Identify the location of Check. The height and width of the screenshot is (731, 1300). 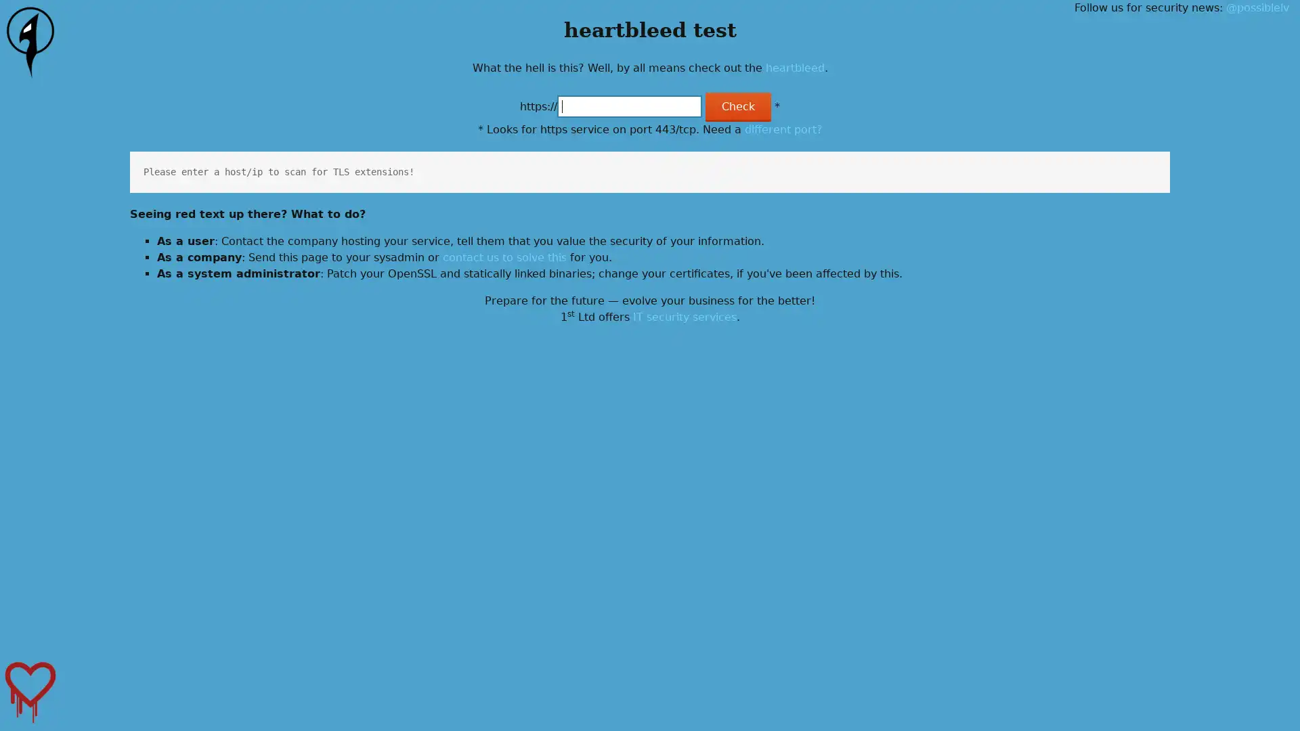
(740, 107).